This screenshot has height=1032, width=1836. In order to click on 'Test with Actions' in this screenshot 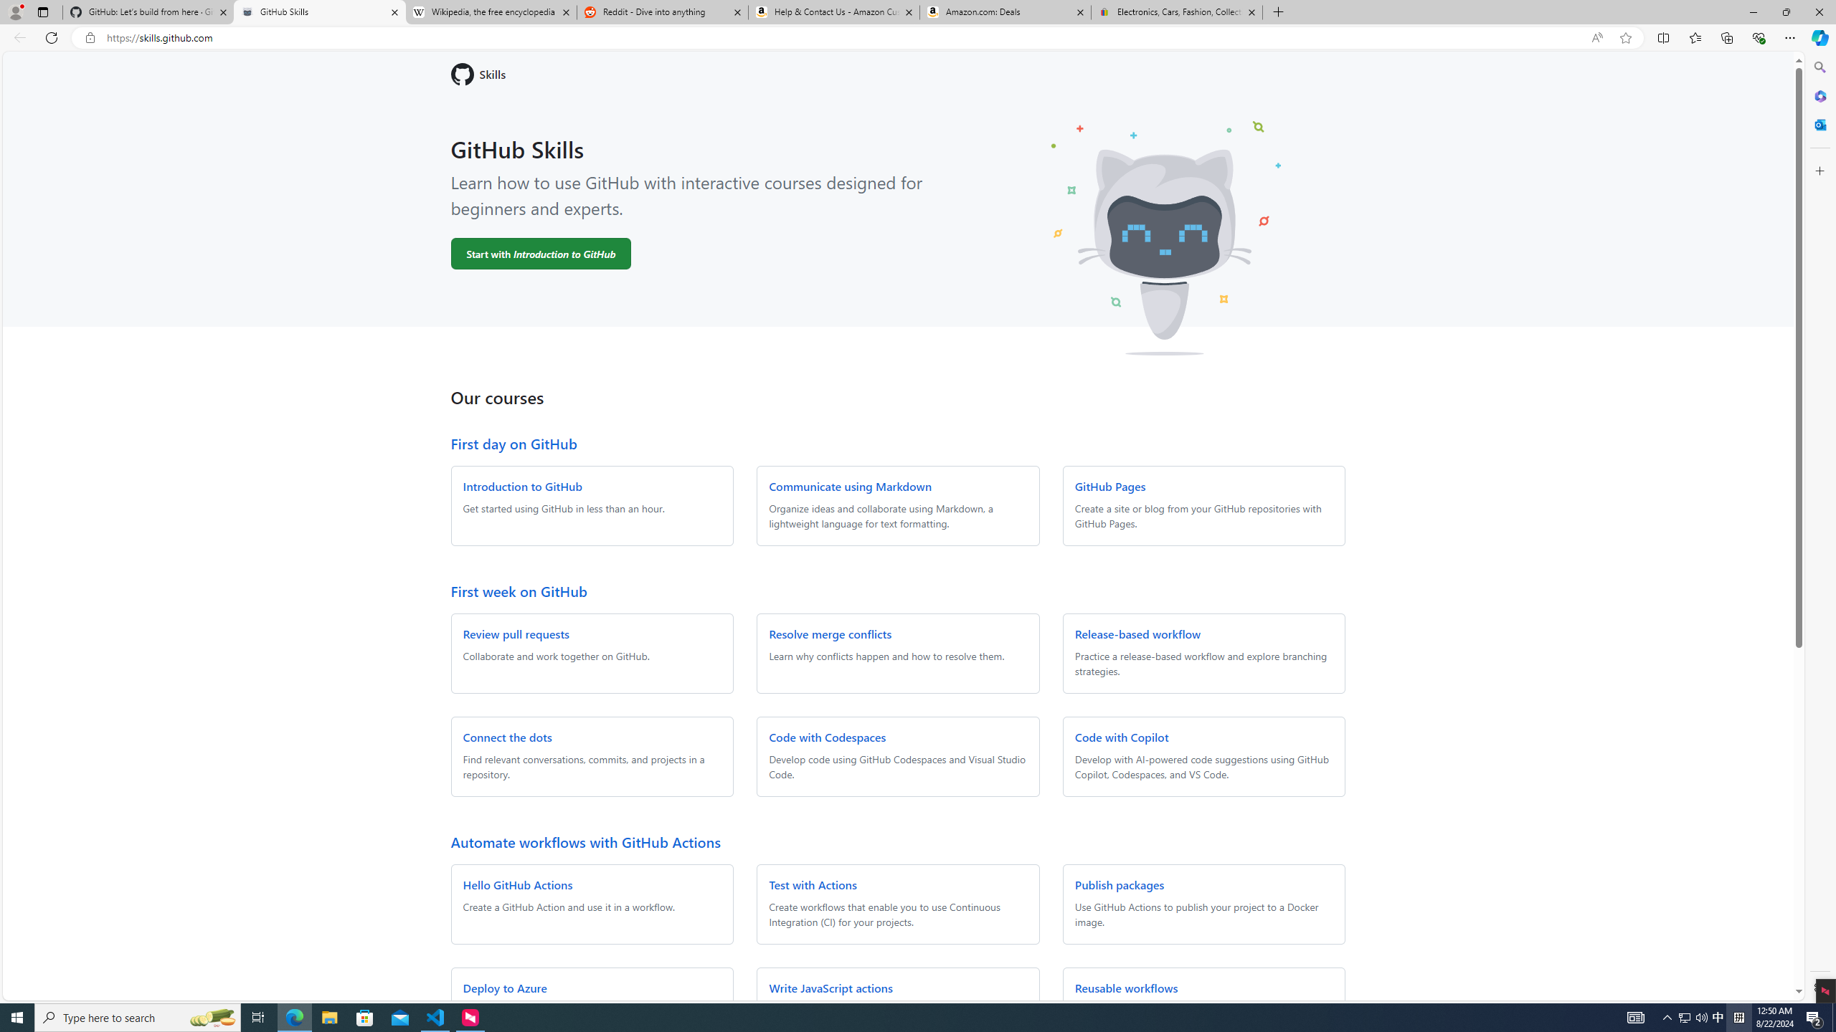, I will do `click(813, 884)`.